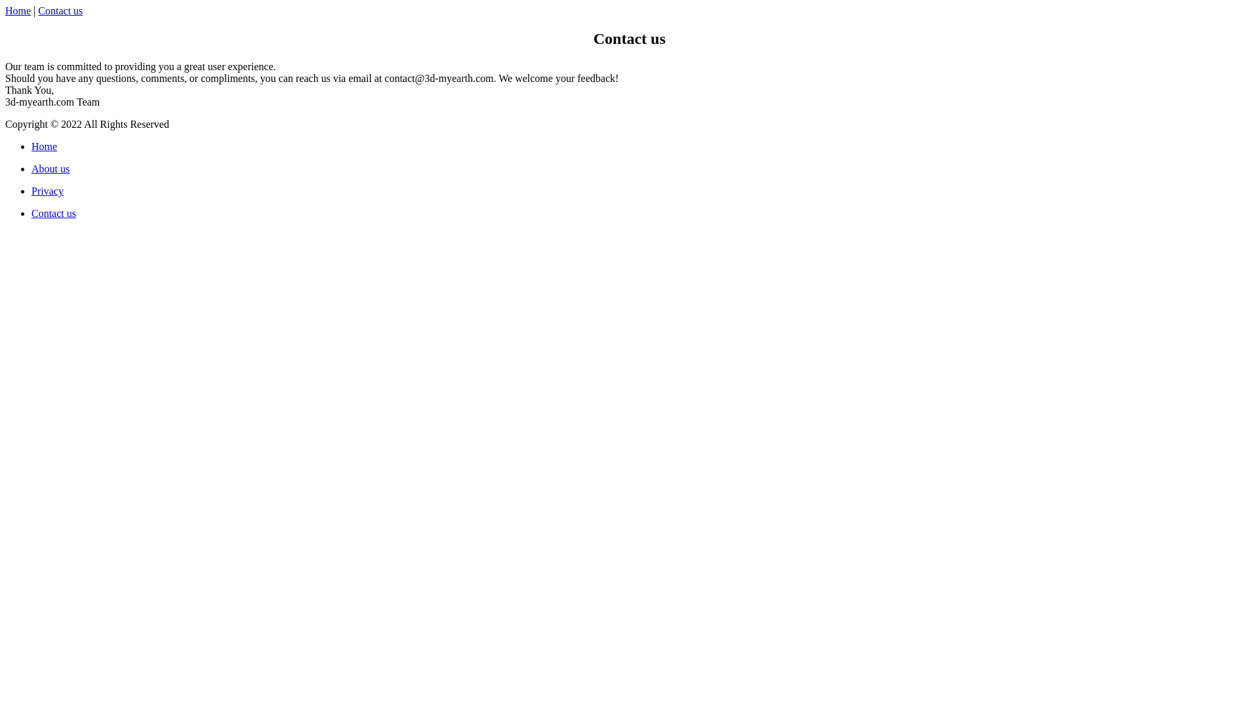 Image resolution: width=1259 pixels, height=708 pixels. I want to click on 'Home', so click(18, 10).